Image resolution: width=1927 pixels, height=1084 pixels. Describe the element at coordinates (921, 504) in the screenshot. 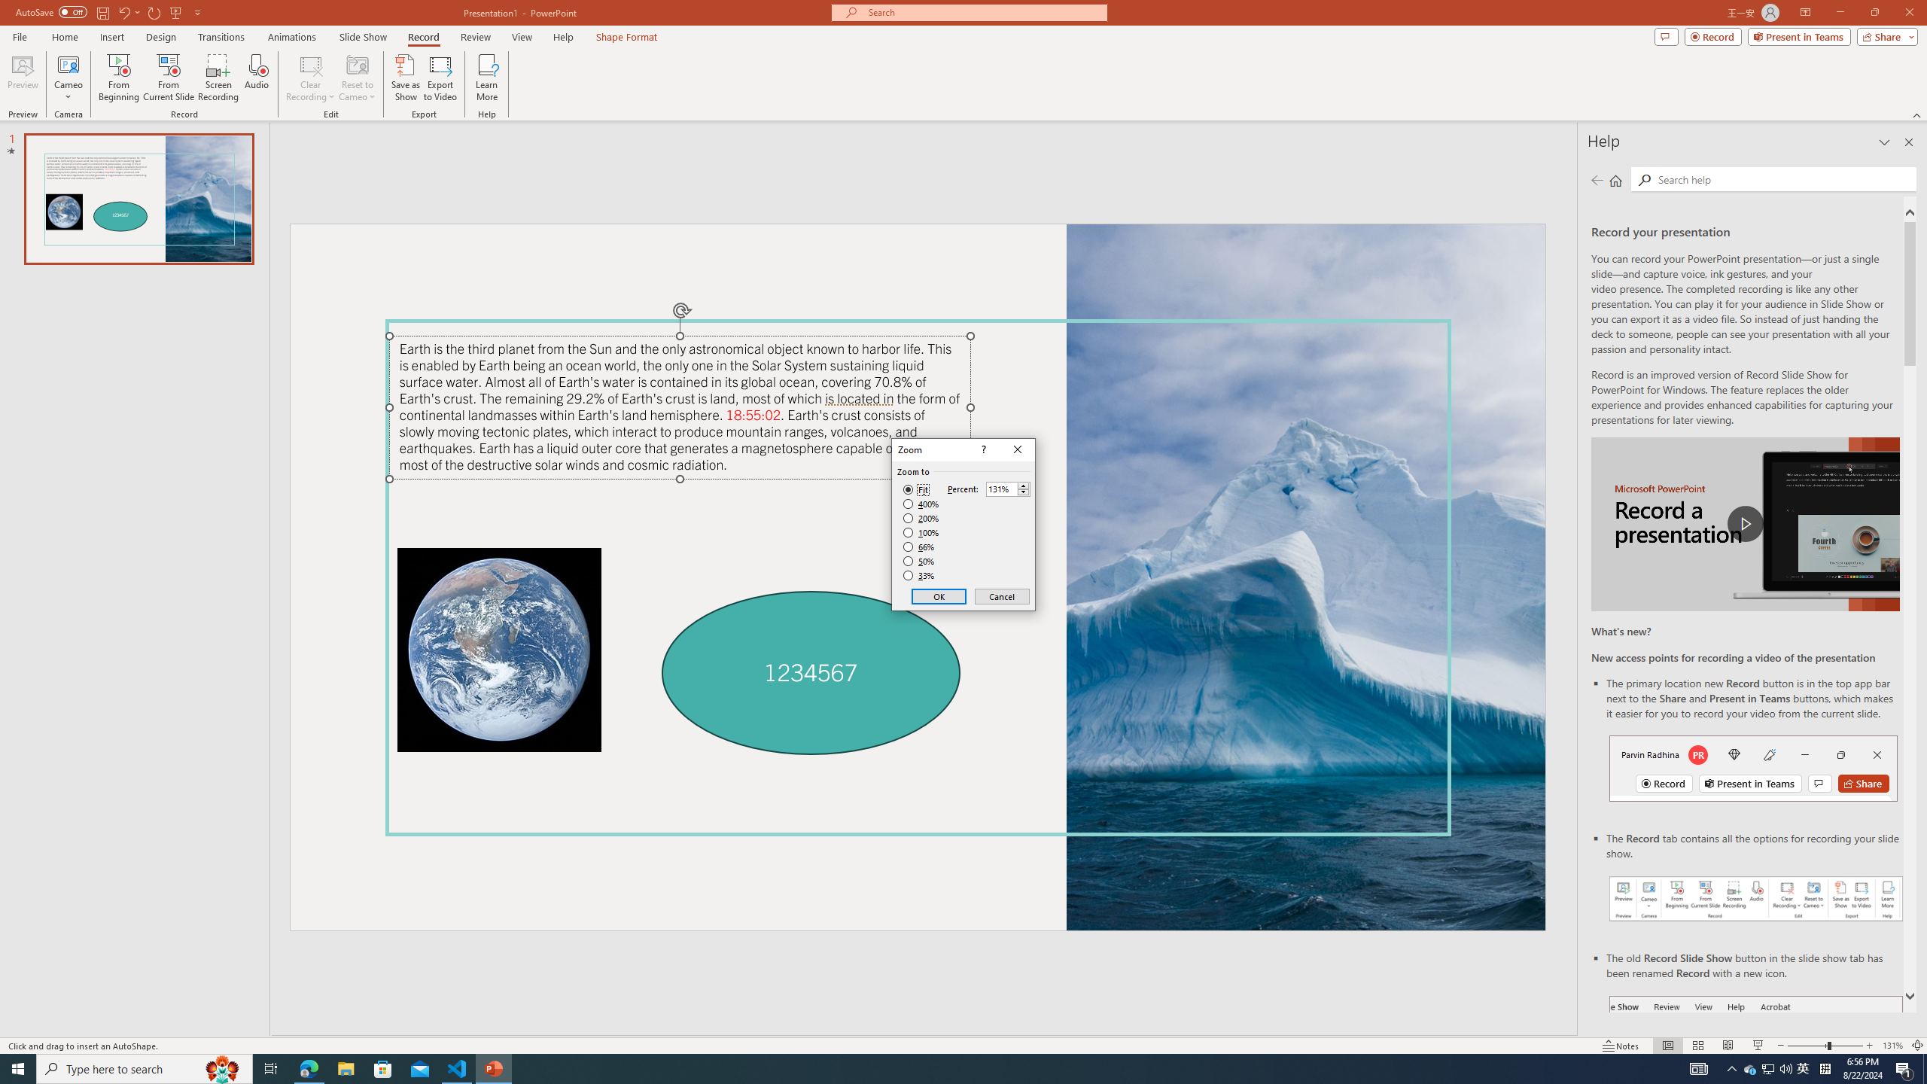

I see `'400%'` at that location.